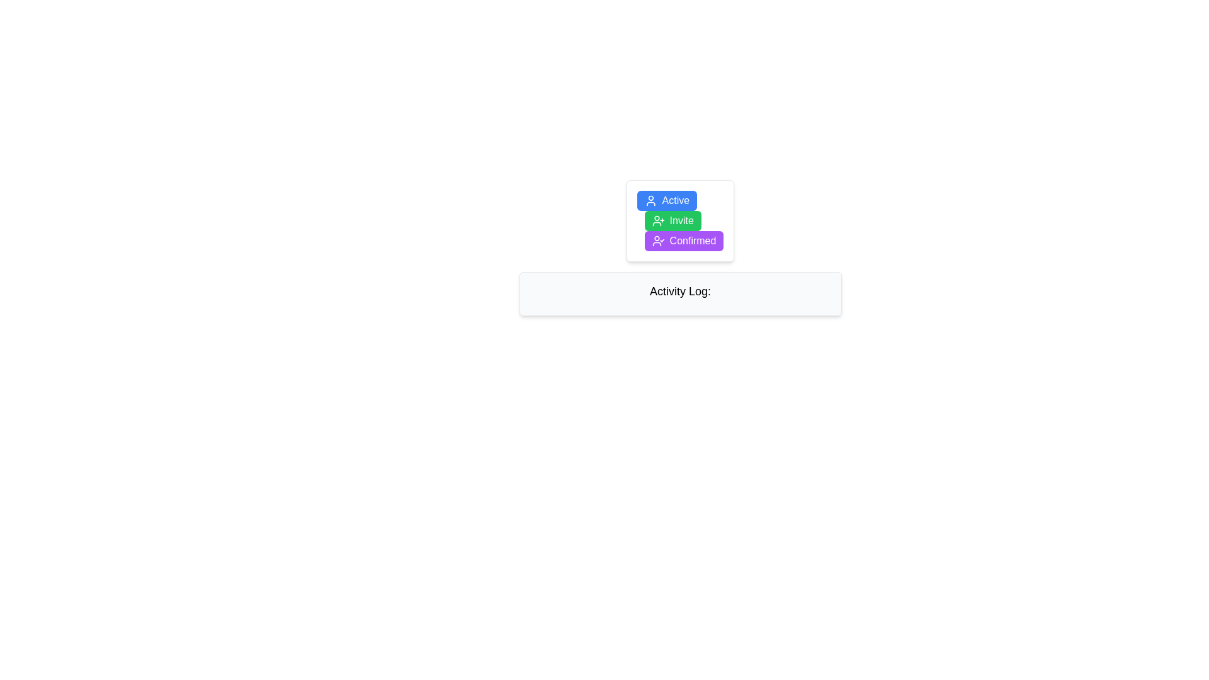  Describe the element at coordinates (657, 220) in the screenshot. I see `the 'Invite' button which contains a 'user add' icon with a green background, located between the 'Active' and 'Confirmed' buttons` at that location.